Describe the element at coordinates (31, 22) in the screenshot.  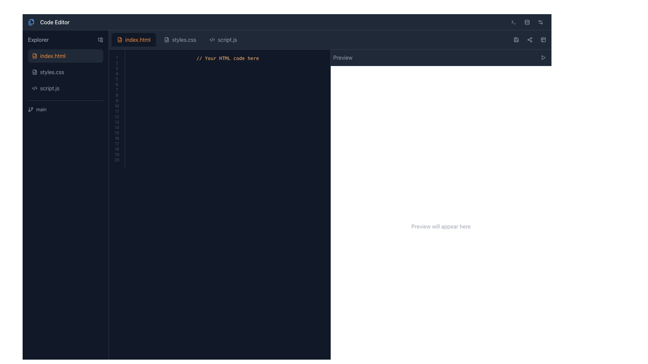
I see `the small blue icon resembling stacked files, which is the leftmost icon in the toolbar next to the 'Code Editor' text` at that location.